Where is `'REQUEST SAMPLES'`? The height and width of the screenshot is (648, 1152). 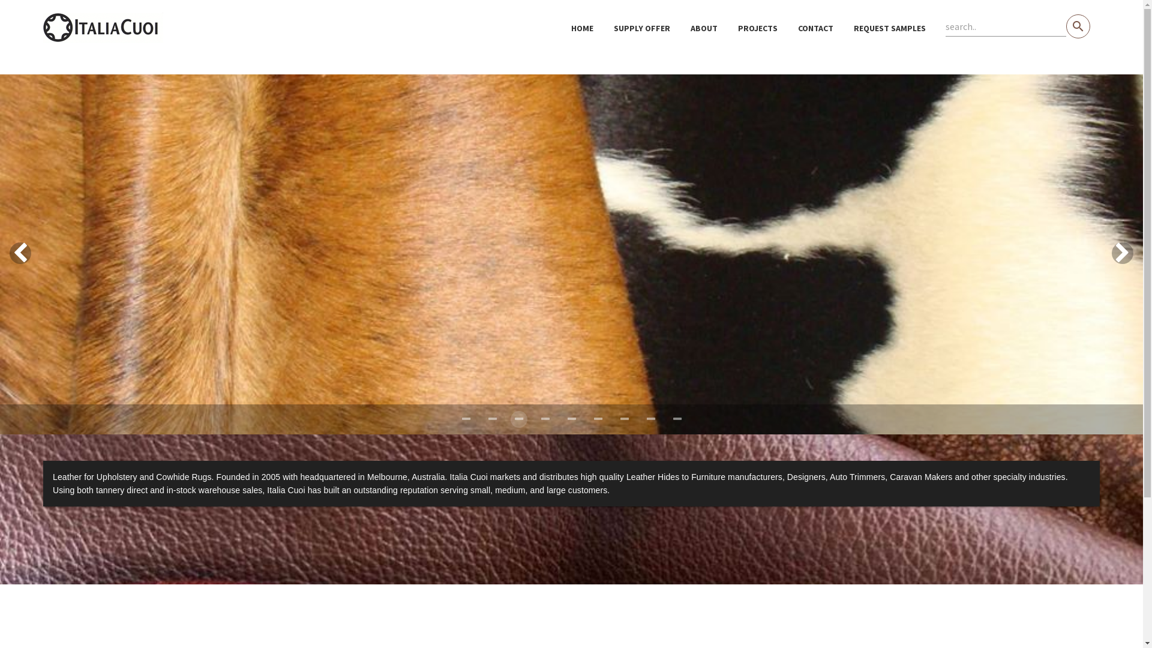 'REQUEST SAMPLES' is located at coordinates (890, 27).